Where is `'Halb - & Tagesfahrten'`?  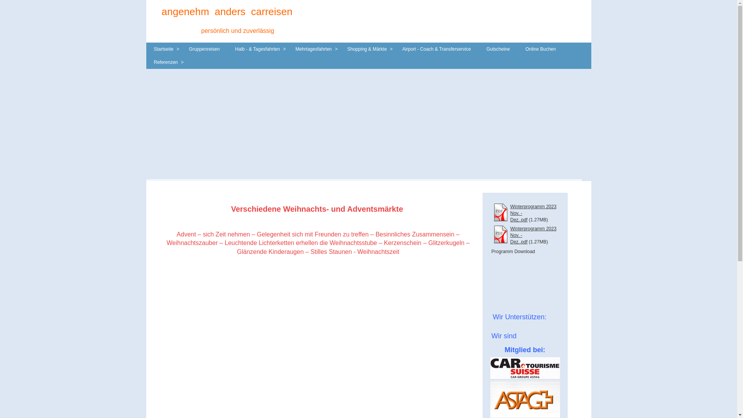
'Halb - & Tagesfahrten' is located at coordinates (258, 49).